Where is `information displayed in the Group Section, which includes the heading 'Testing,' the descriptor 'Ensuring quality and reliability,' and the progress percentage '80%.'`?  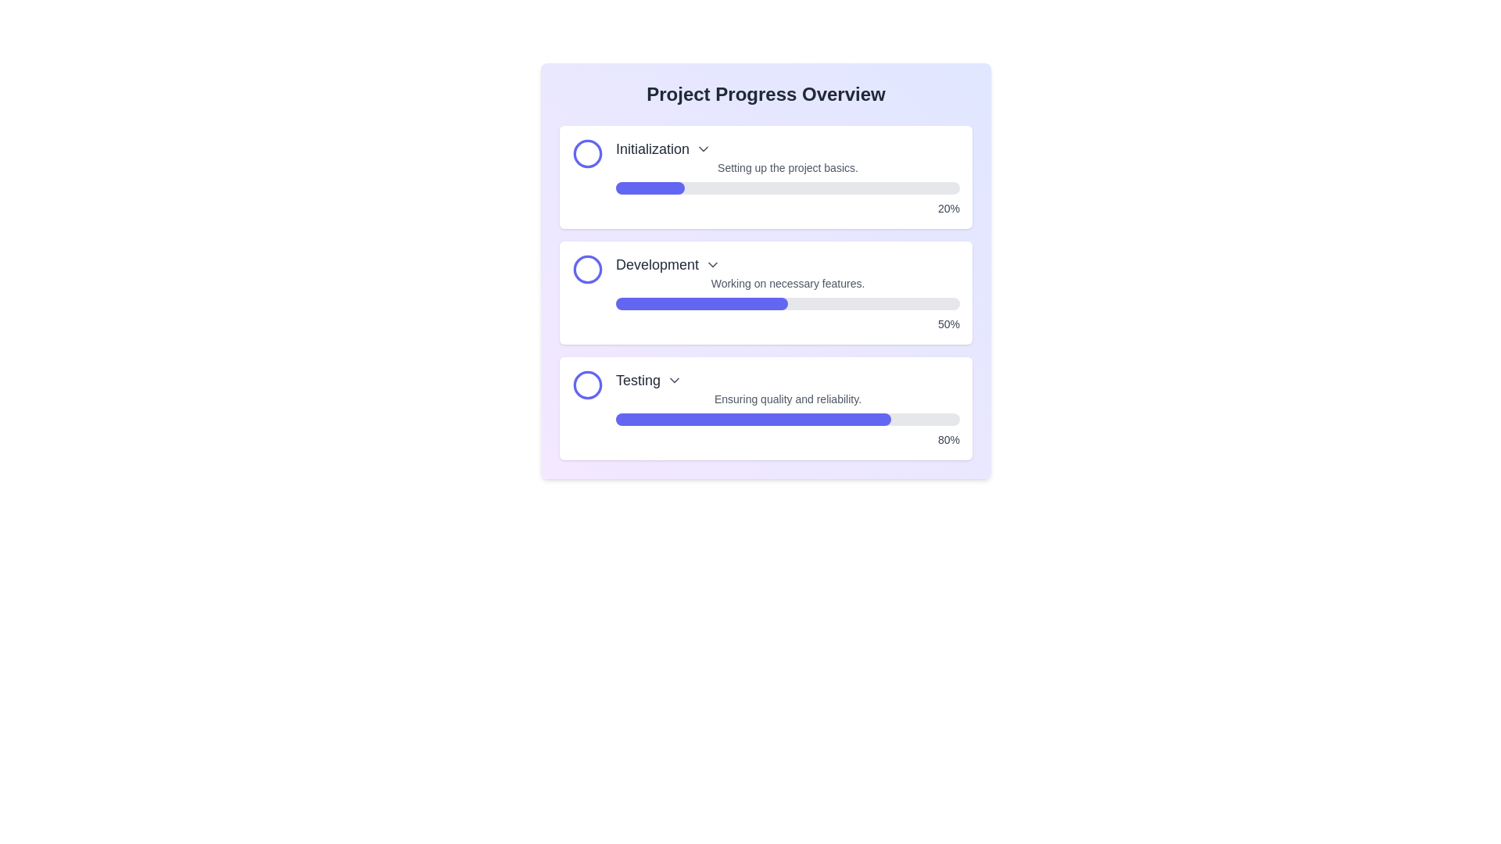 information displayed in the Group Section, which includes the heading 'Testing,' the descriptor 'Ensuring quality and reliability,' and the progress percentage '80%.' is located at coordinates (765, 408).